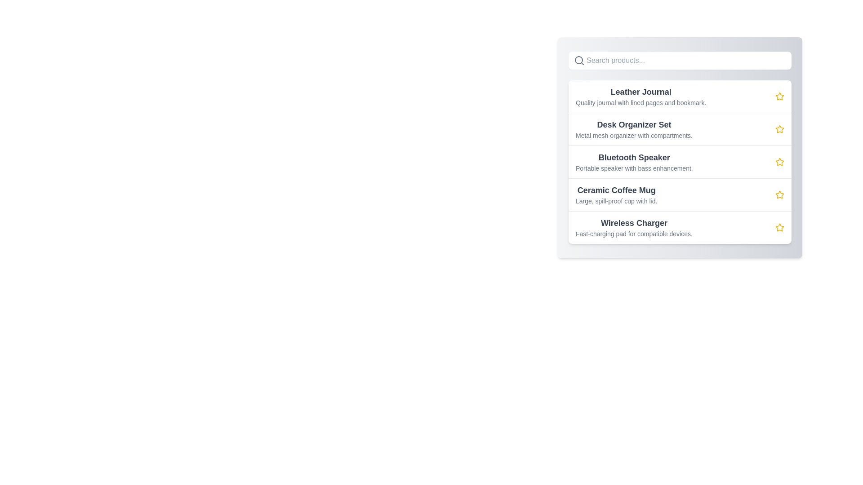 The image size is (863, 485). Describe the element at coordinates (634, 233) in the screenshot. I see `the text label that says 'Fast-charging pad for compatible devices.' located below the title 'Wireless Charger' in the item list` at that location.